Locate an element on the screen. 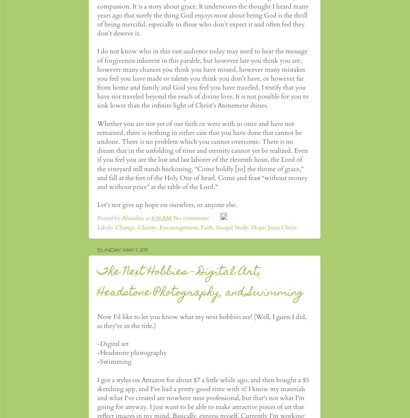  '-Headstone photography' is located at coordinates (132, 353).